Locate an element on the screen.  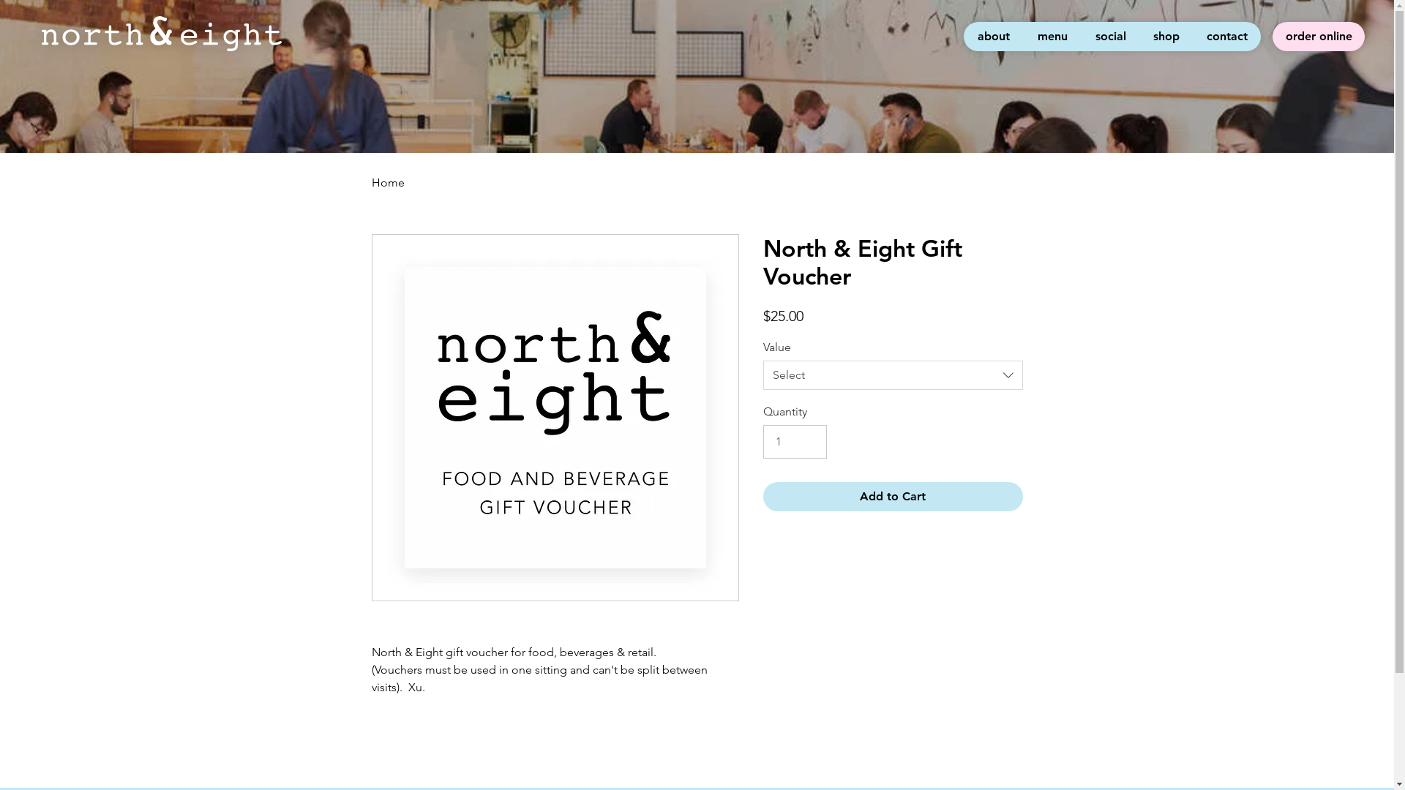
'about' is located at coordinates (963, 36).